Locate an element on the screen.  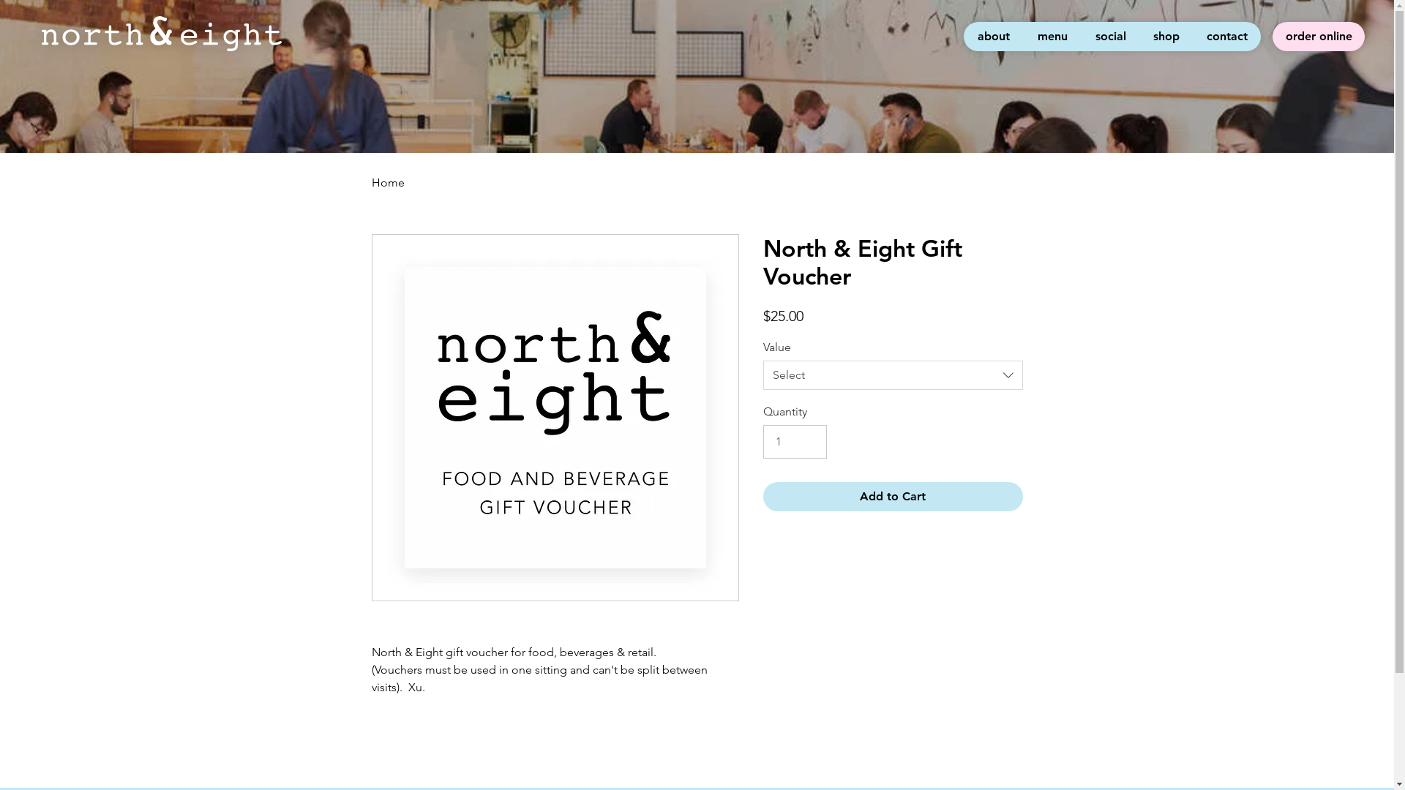
'about' is located at coordinates (963, 36).